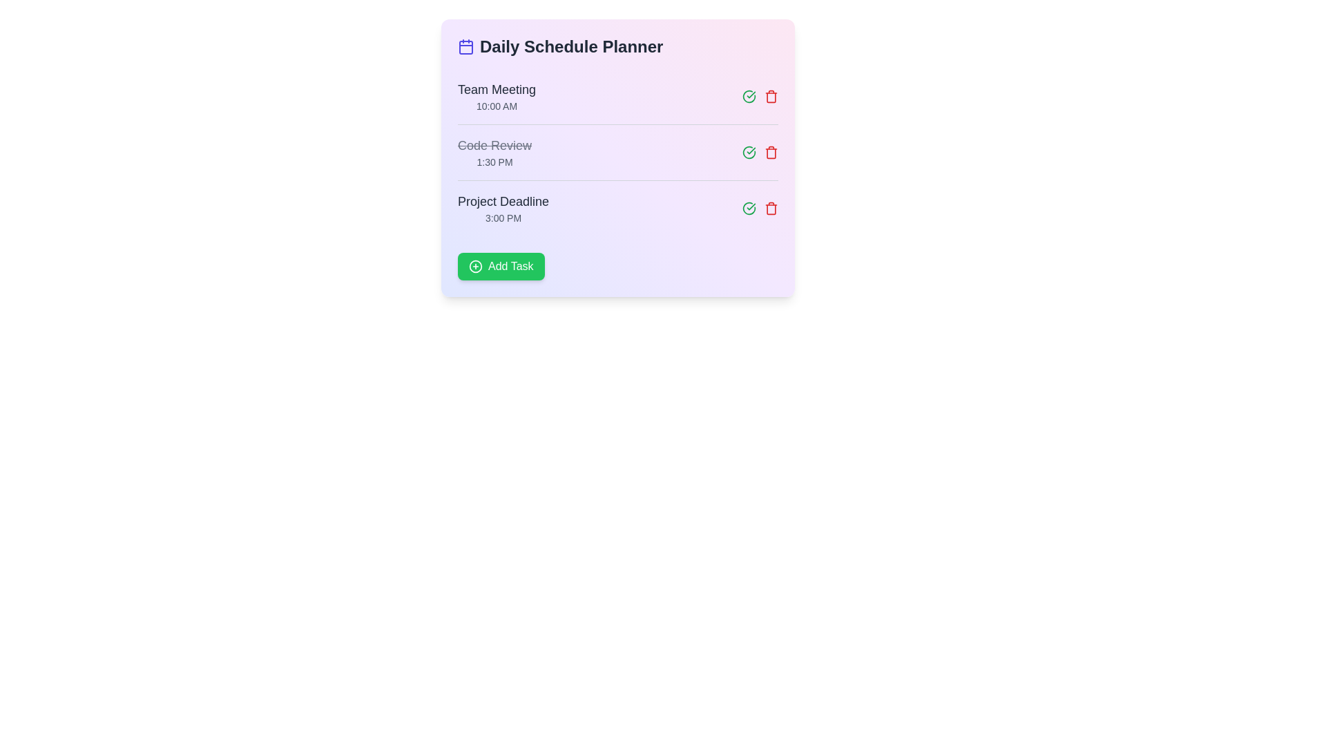 The width and height of the screenshot is (1326, 746). I want to click on the 'complete' button for the task identified by Project Deadline, so click(748, 208).